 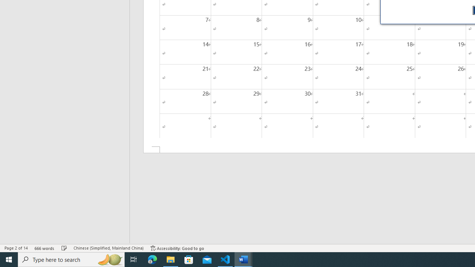 What do you see at coordinates (16, 248) in the screenshot?
I see `'Page Number Page 2 of 14'` at bounding box center [16, 248].